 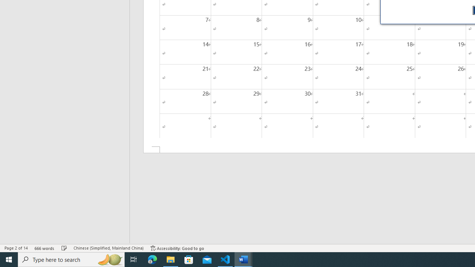 What do you see at coordinates (16, 248) in the screenshot?
I see `'Page Number Page 2 of 14'` at bounding box center [16, 248].